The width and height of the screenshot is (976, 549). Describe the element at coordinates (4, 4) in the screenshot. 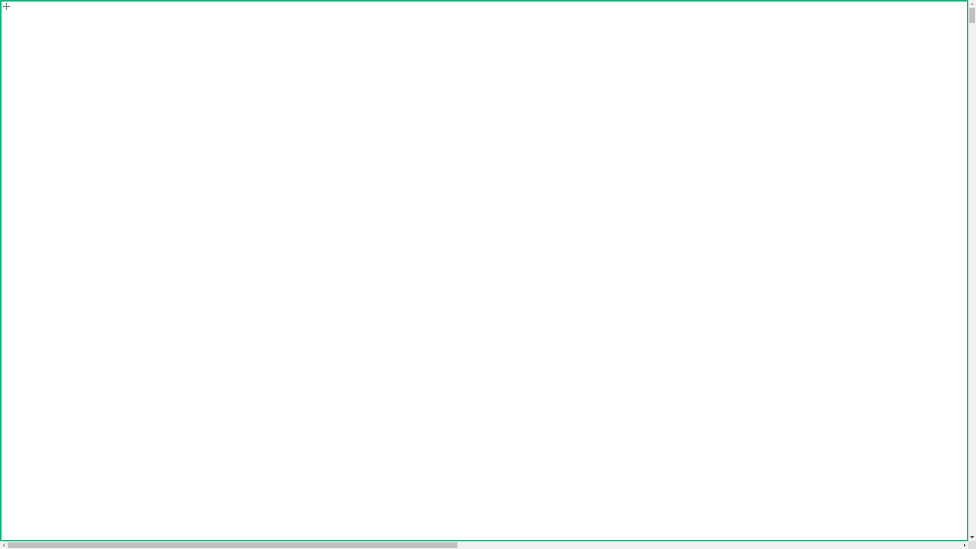

I see `'Skip to main content'` at that location.